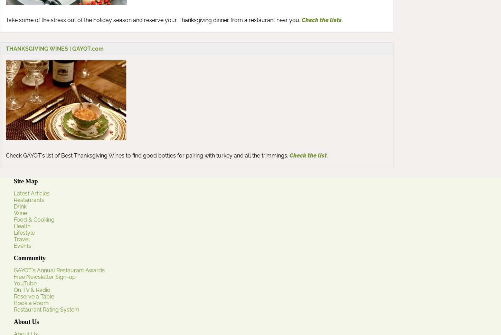  Describe the element at coordinates (50, 241) in the screenshot. I see `'Dining with the moon | Beachside Restaurant & Bar,'` at that location.